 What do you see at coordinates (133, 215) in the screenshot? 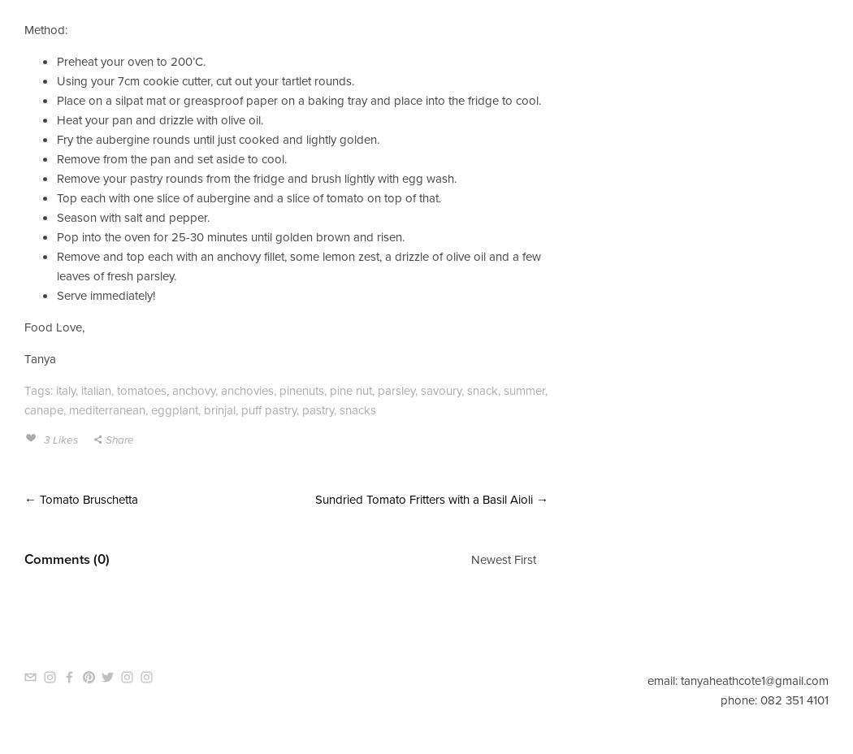
I see `'Season with salt and pepper.'` at bounding box center [133, 215].